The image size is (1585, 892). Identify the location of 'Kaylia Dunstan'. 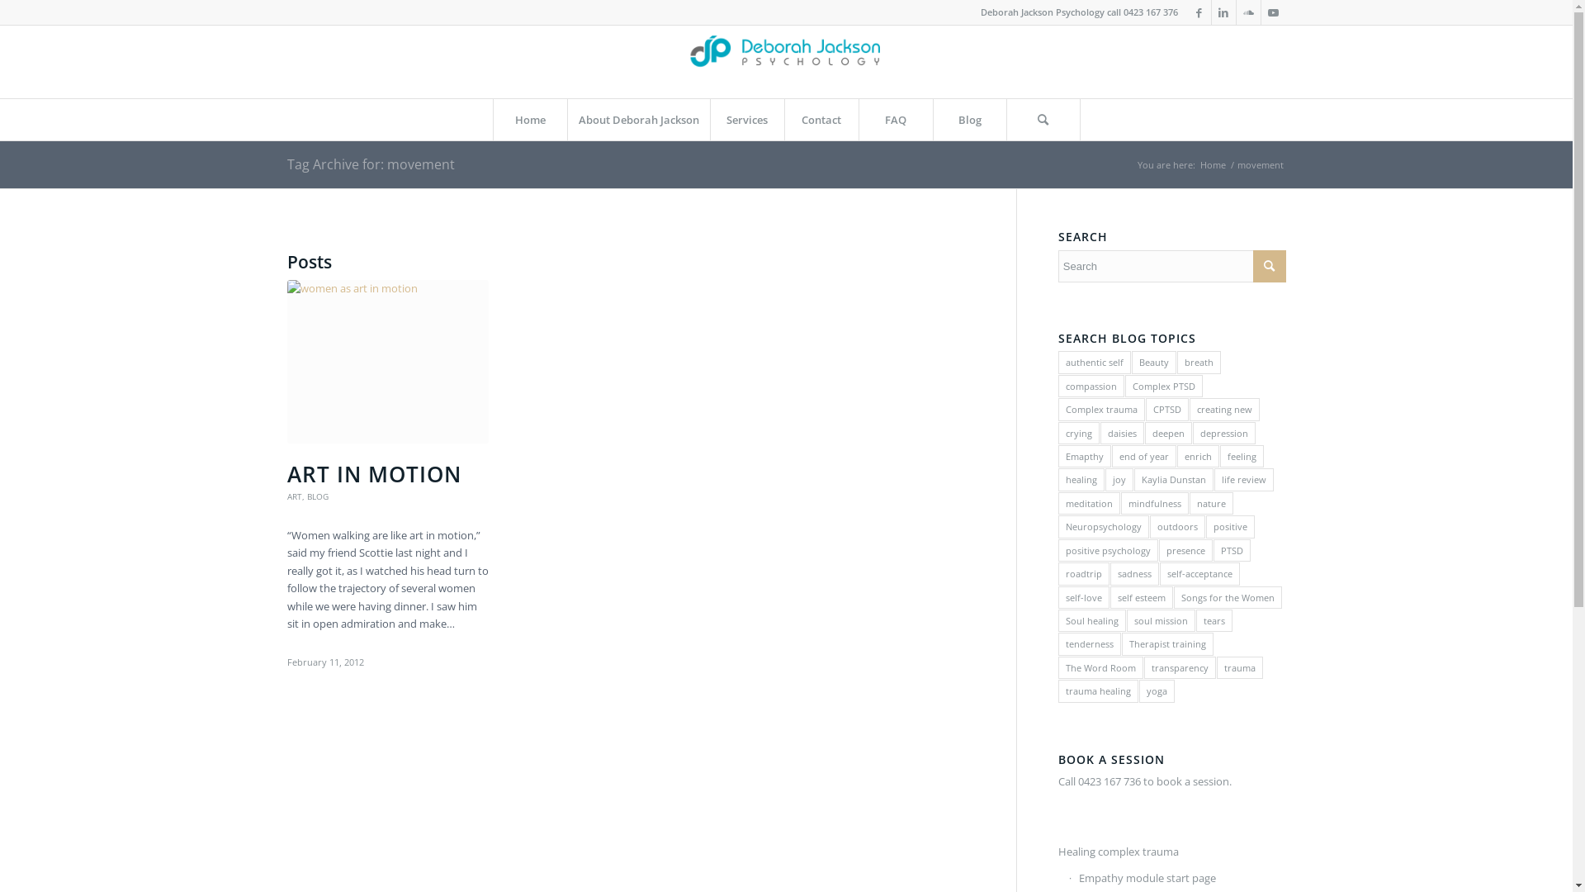
(1172, 479).